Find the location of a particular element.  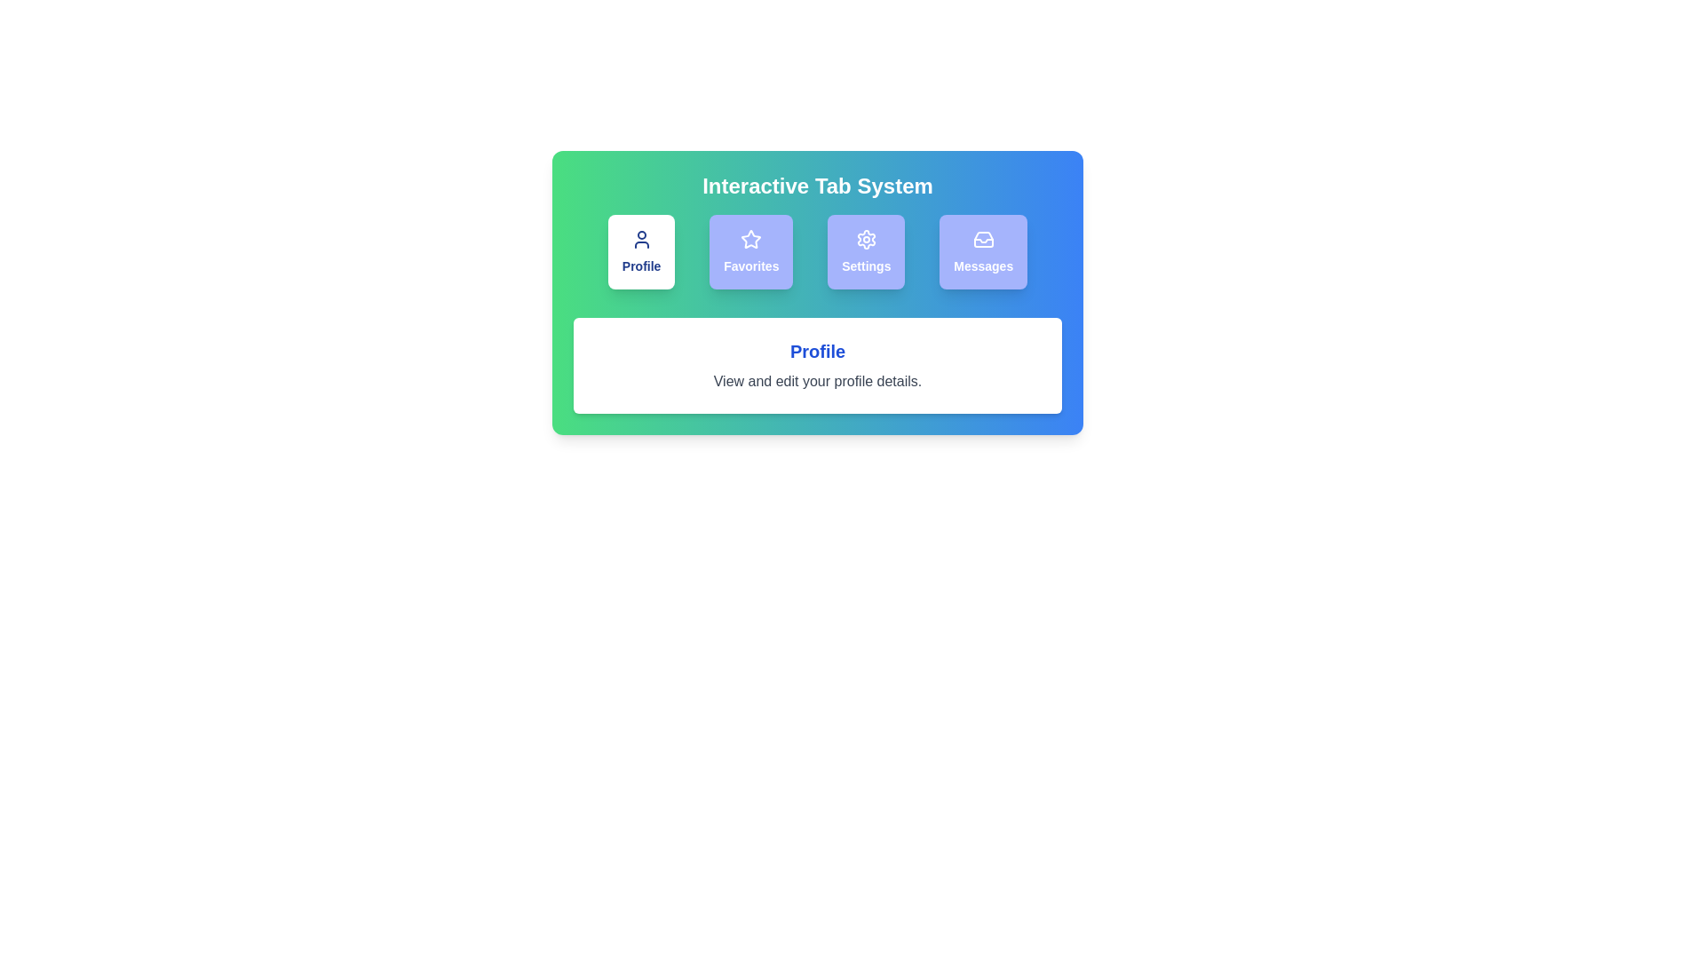

the tab labeled Settings to observe its hover effect is located at coordinates (866, 252).